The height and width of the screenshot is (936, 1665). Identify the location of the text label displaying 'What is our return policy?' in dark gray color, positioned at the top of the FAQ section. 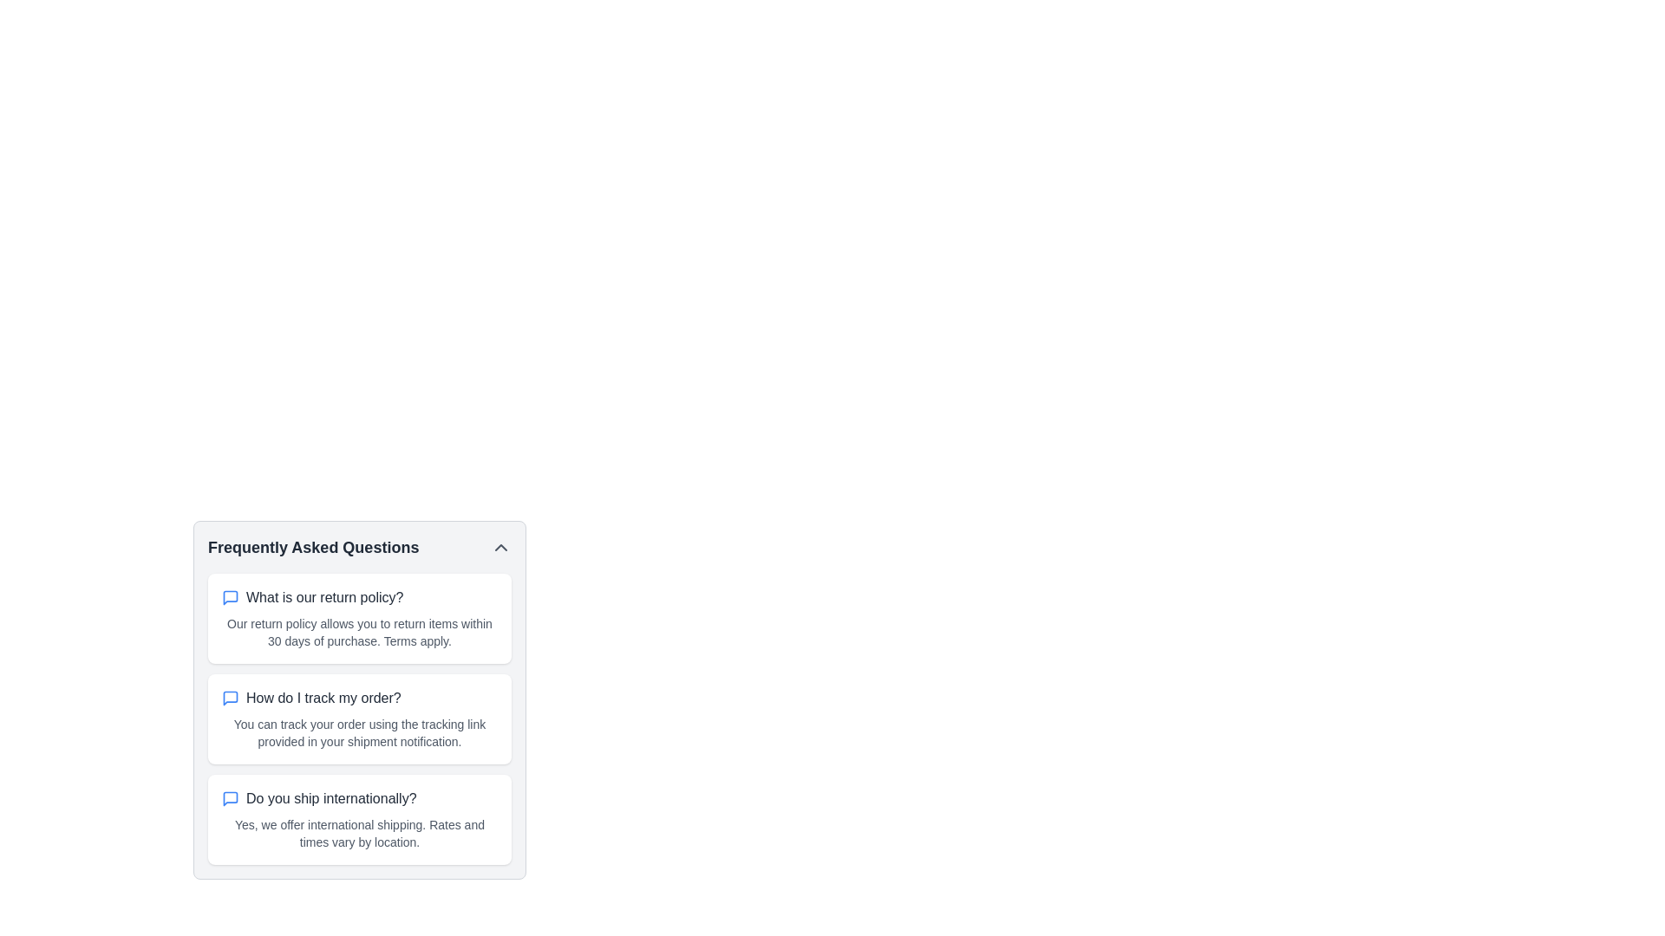
(324, 597).